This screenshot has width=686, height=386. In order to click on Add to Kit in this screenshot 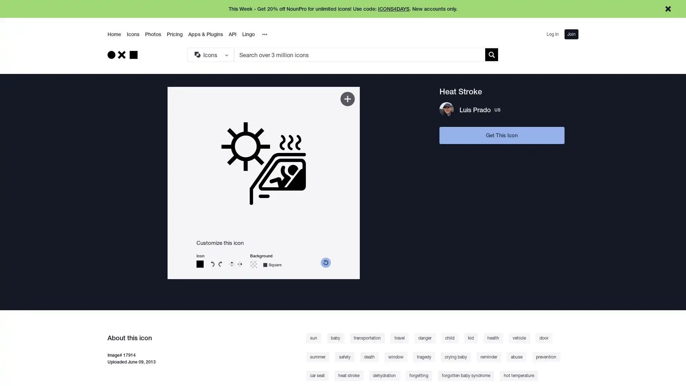, I will do `click(347, 99)`.